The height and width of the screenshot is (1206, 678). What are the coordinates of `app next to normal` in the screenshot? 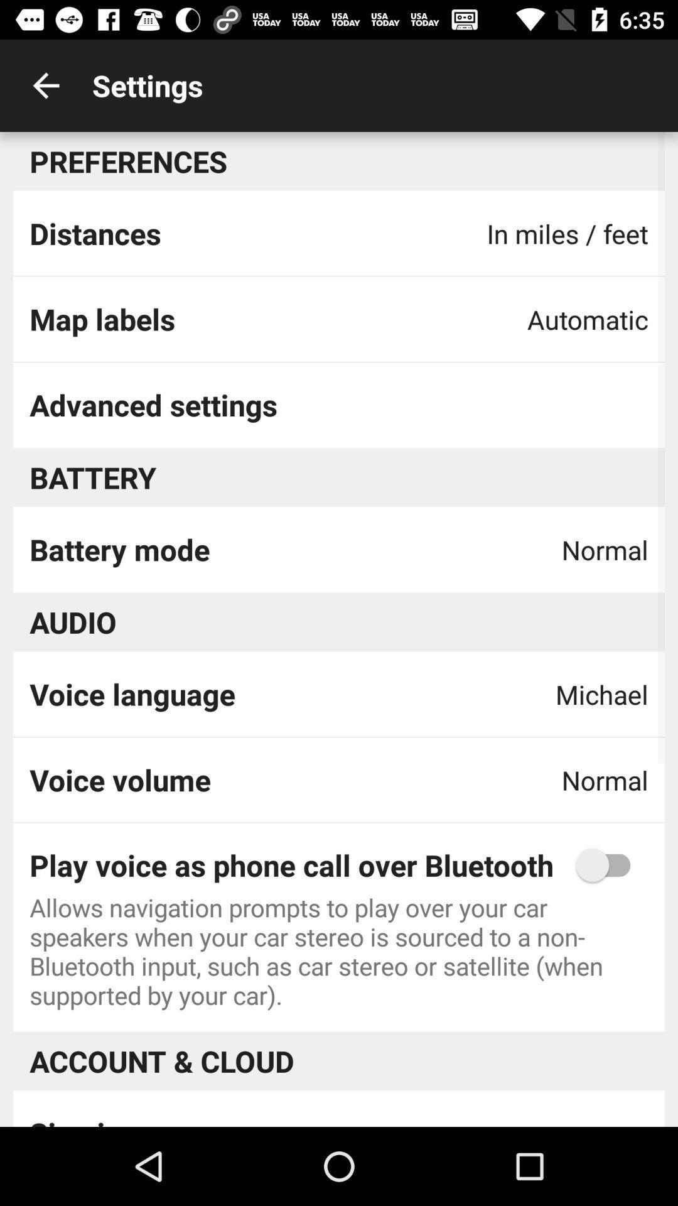 It's located at (120, 779).